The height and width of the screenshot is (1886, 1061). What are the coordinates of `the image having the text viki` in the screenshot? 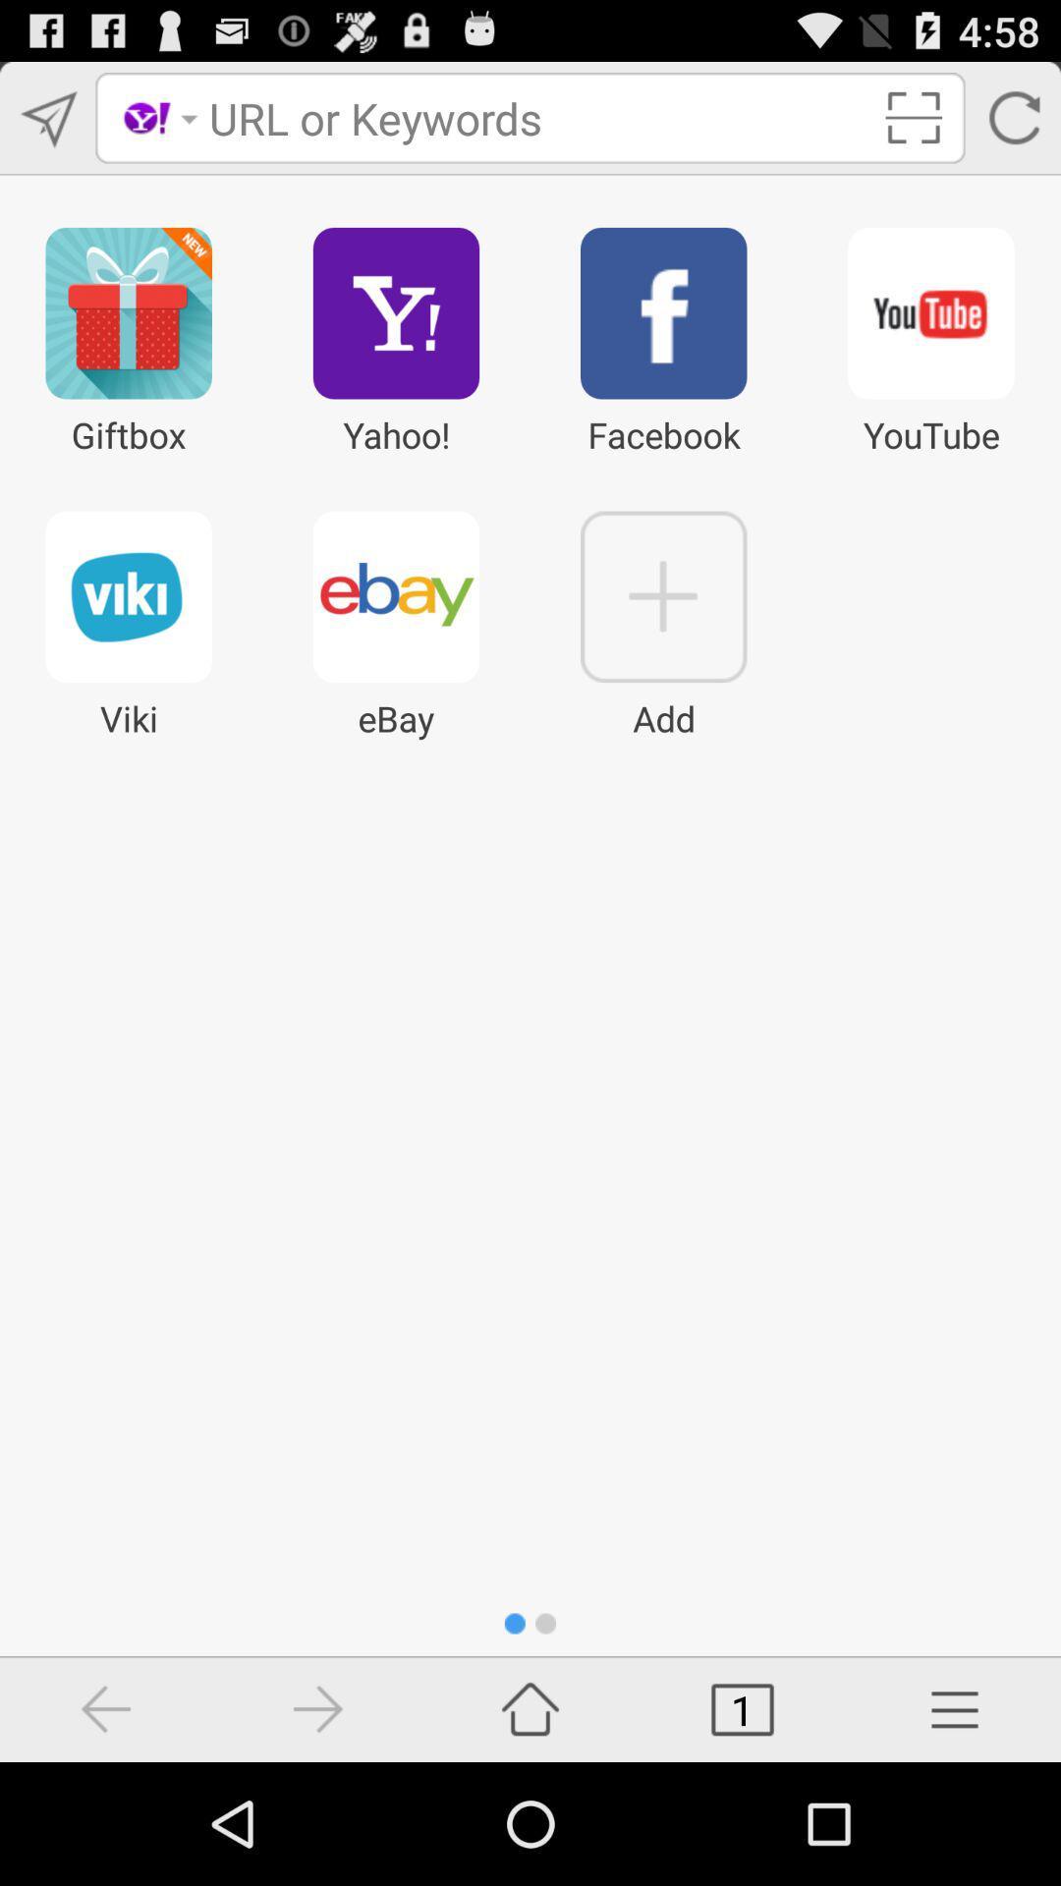 It's located at (129, 596).